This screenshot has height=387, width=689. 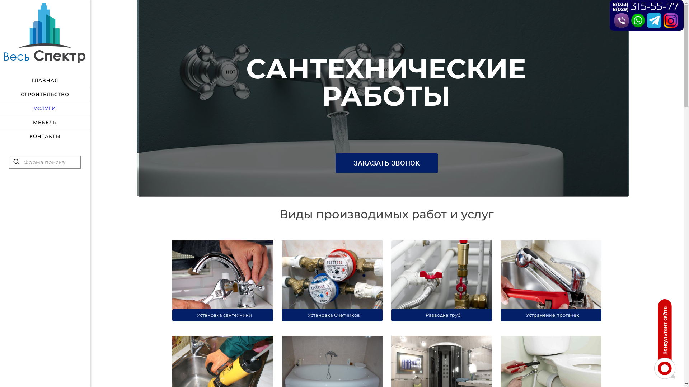 I want to click on '8(029)', so click(x=620, y=9).